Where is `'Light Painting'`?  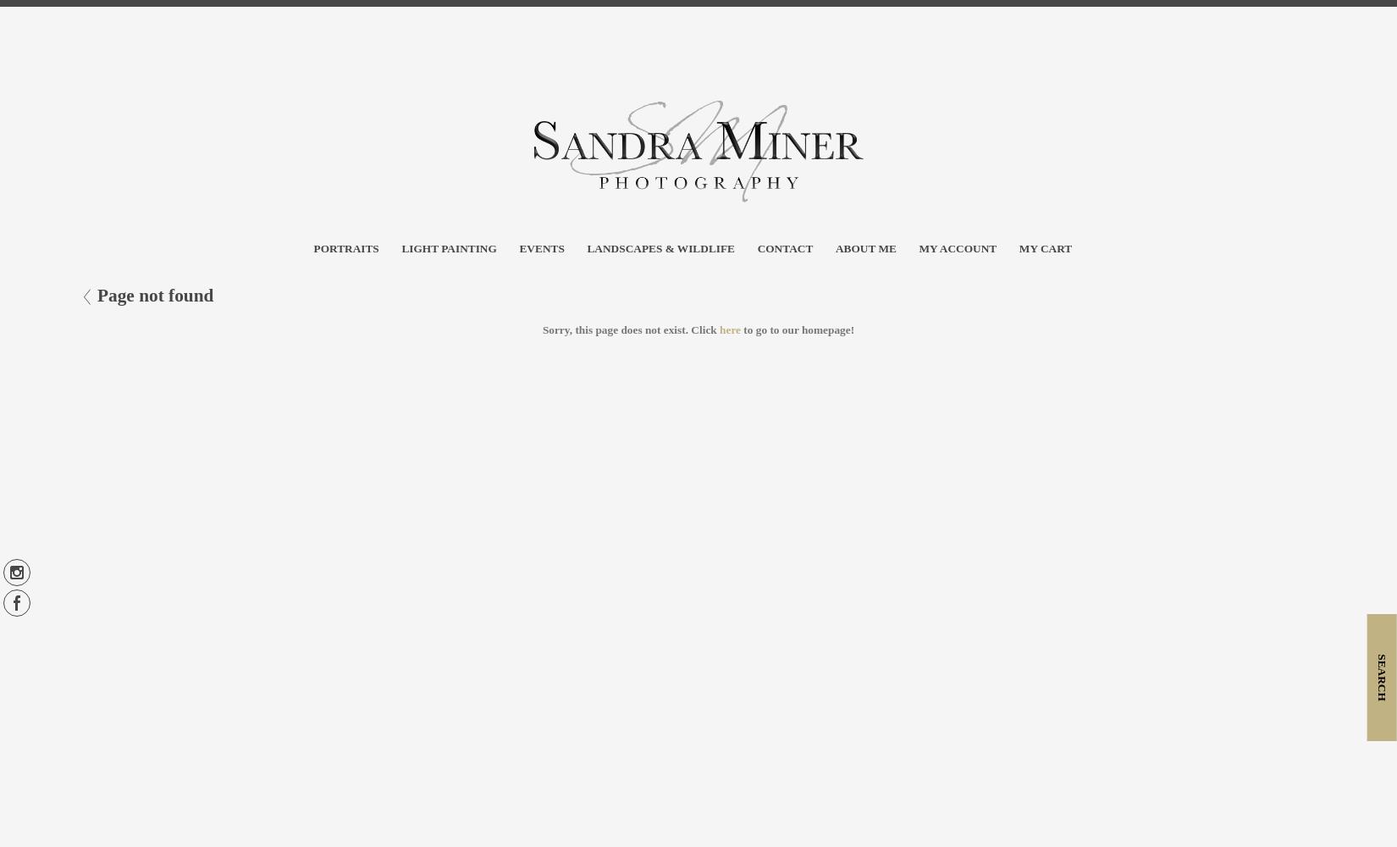
'Light Painting' is located at coordinates (447, 248).